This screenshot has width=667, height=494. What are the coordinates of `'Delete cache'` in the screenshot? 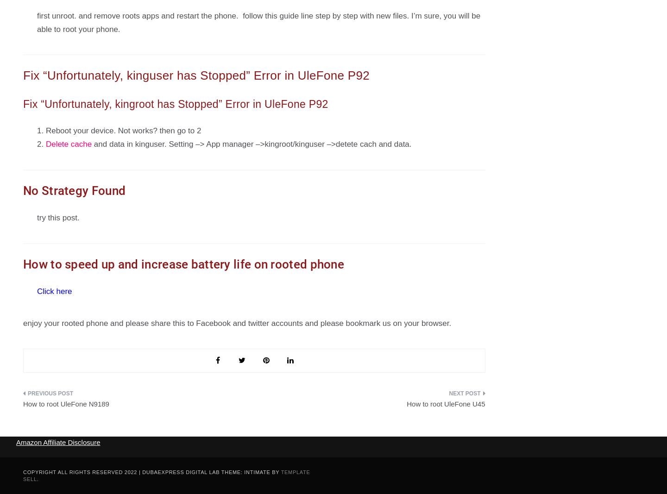 It's located at (68, 144).